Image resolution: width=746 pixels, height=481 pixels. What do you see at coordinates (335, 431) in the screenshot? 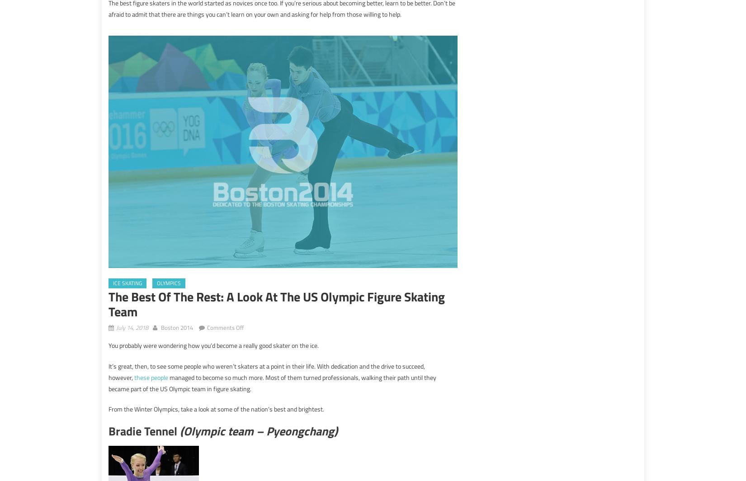
I see `')'` at bounding box center [335, 431].